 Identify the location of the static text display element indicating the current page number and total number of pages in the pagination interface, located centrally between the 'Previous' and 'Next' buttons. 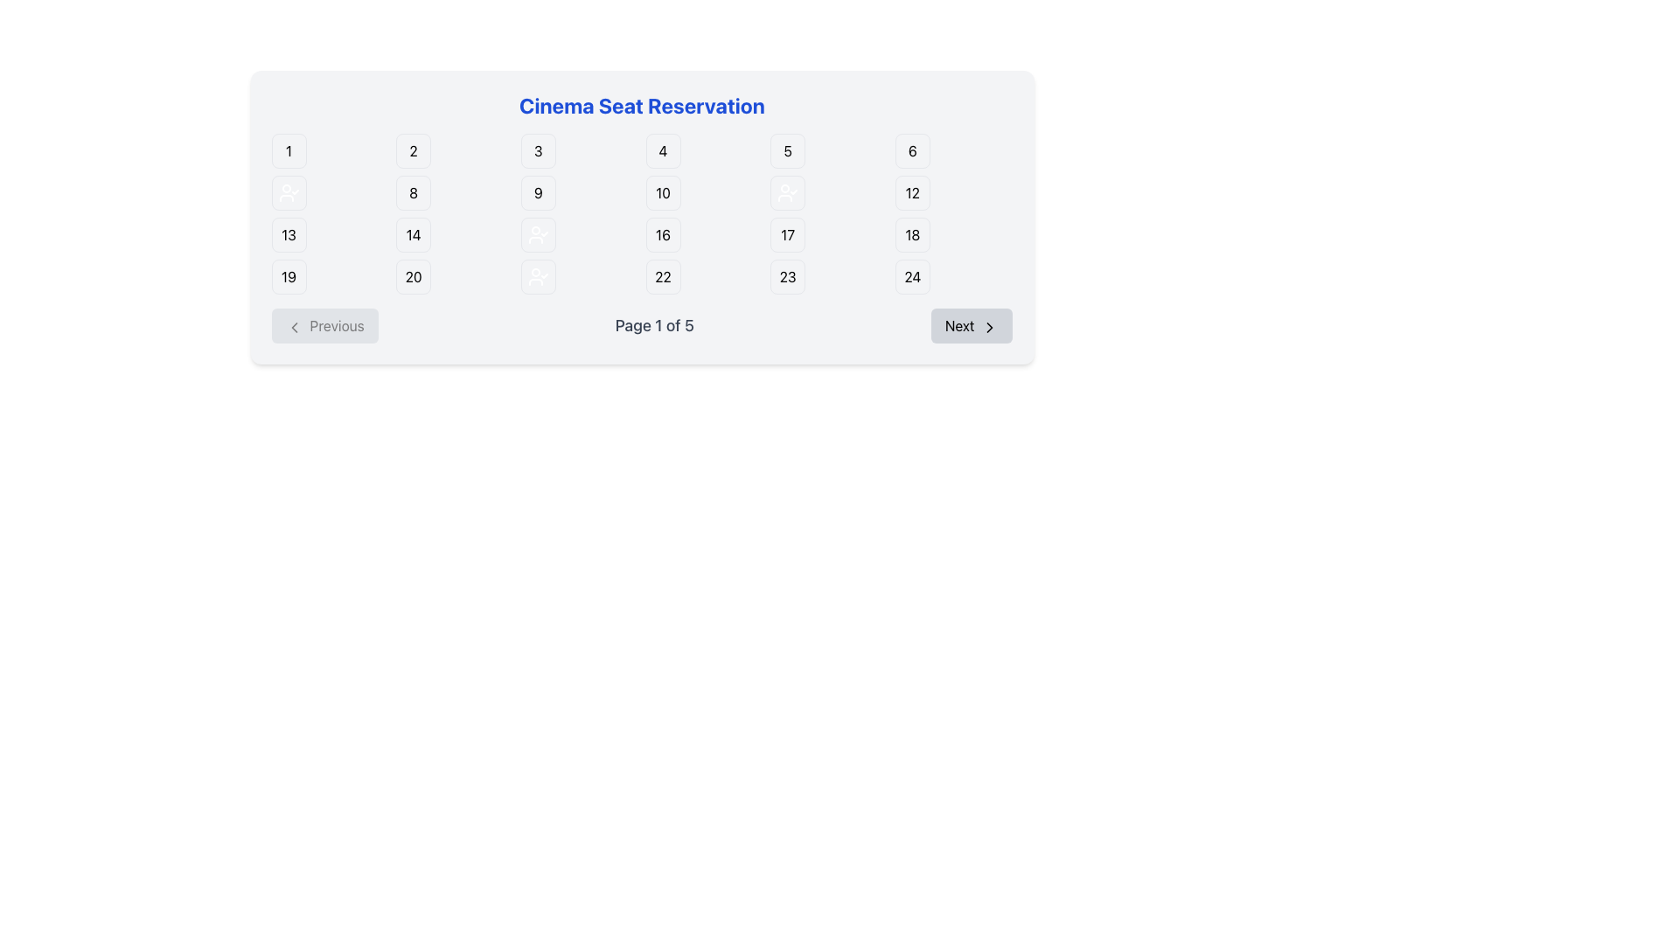
(653, 326).